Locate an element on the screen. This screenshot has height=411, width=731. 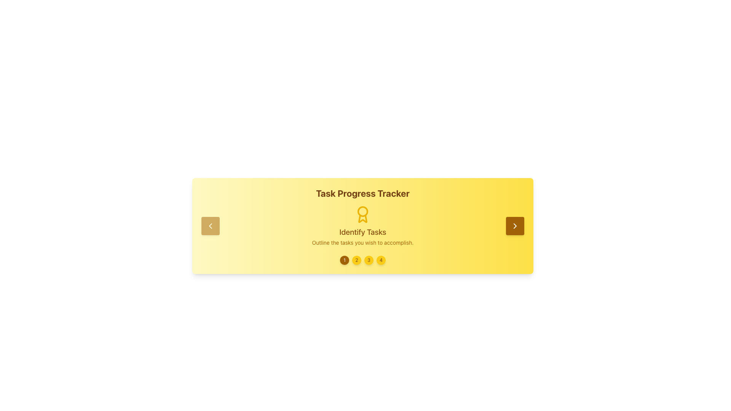
the award or achievement icon located in the 'Identify Tasks' section, which is centrally placed above the text 'Identify Tasks' and 'Outline the tasks you wish to accomplish.' is located at coordinates (362, 214).